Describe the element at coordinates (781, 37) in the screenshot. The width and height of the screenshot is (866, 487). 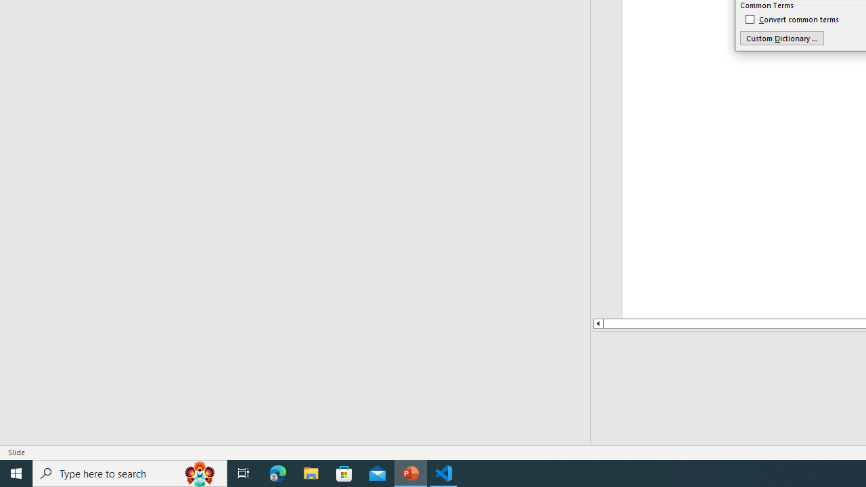
I see `'Custom Dictionary ...'` at that location.